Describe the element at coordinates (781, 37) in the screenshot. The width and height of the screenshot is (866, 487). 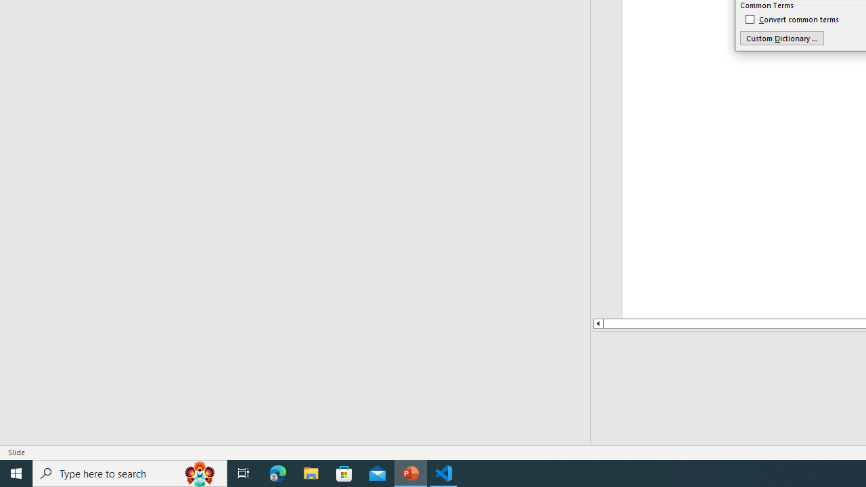
I see `'Custom Dictionary ...'` at that location.